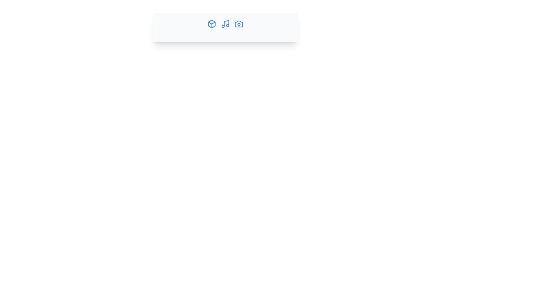 This screenshot has width=543, height=305. Describe the element at coordinates (225, 23) in the screenshot. I see `the music icon button, which features a blue music note with circles on the staff, located in the center of a row of three icons` at that location.